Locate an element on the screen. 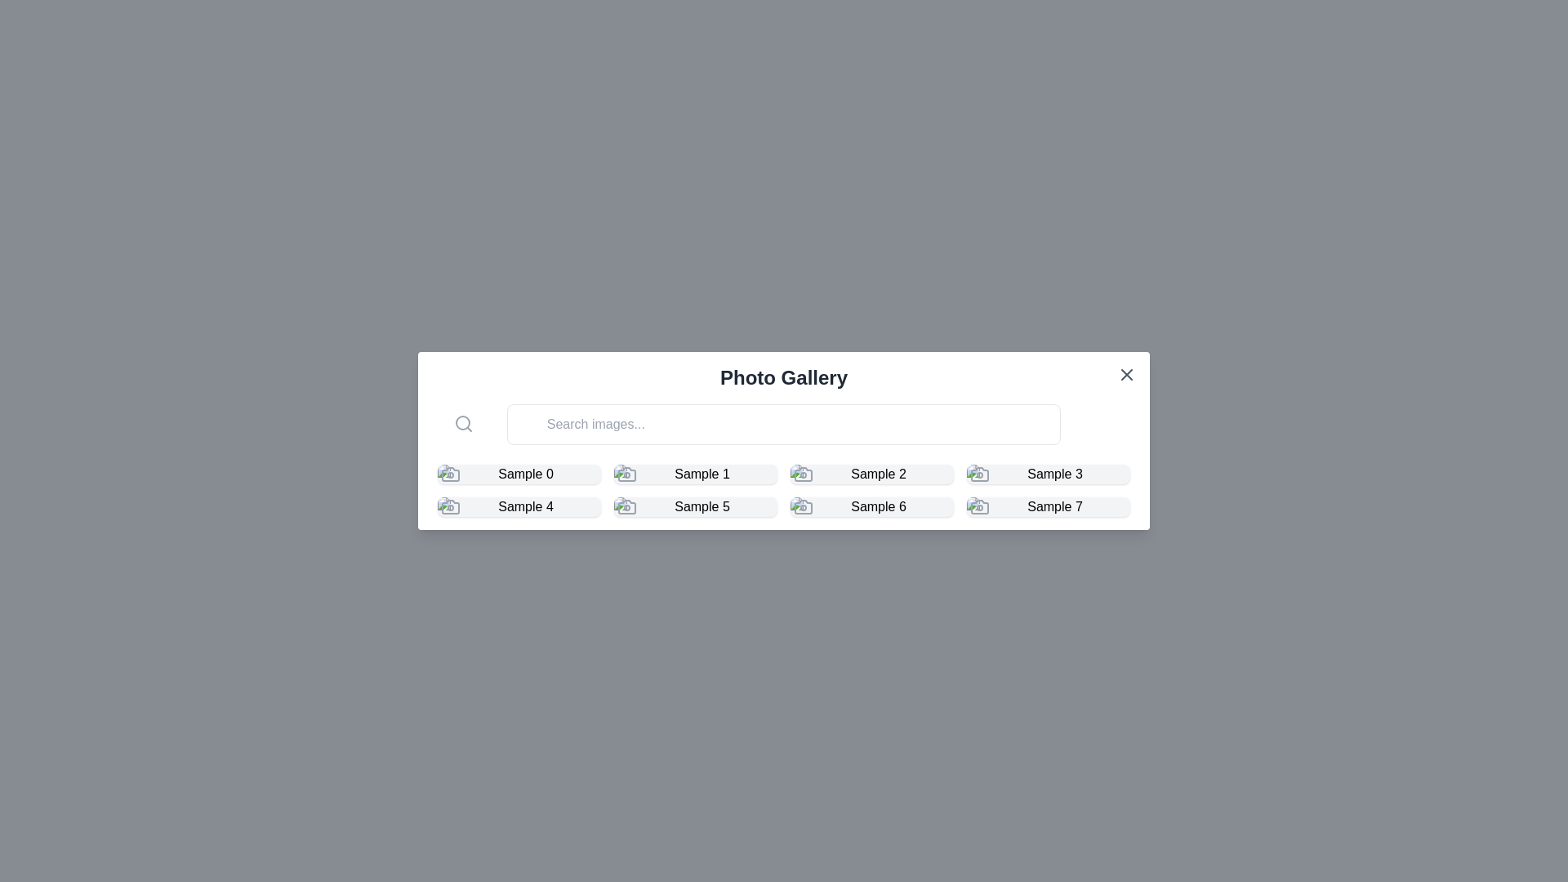 This screenshot has height=882, width=1568. the camera icon, which is a minimalistic vector graphic located in the lower-right section of the grid layout next to 'Sample 7' is located at coordinates (980, 506).